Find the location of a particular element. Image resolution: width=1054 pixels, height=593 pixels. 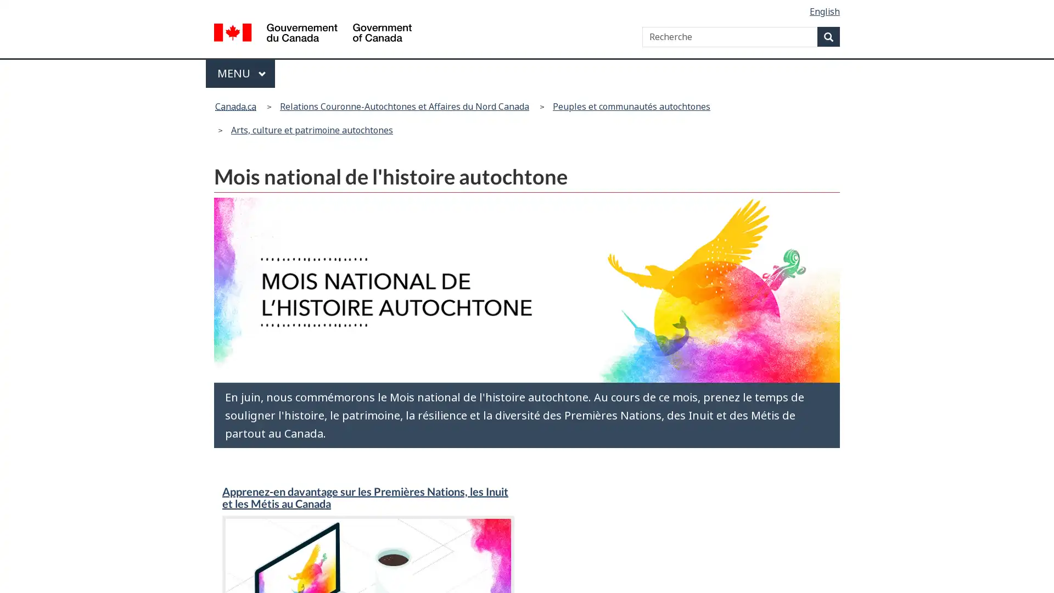

Recherche is located at coordinates (828, 36).